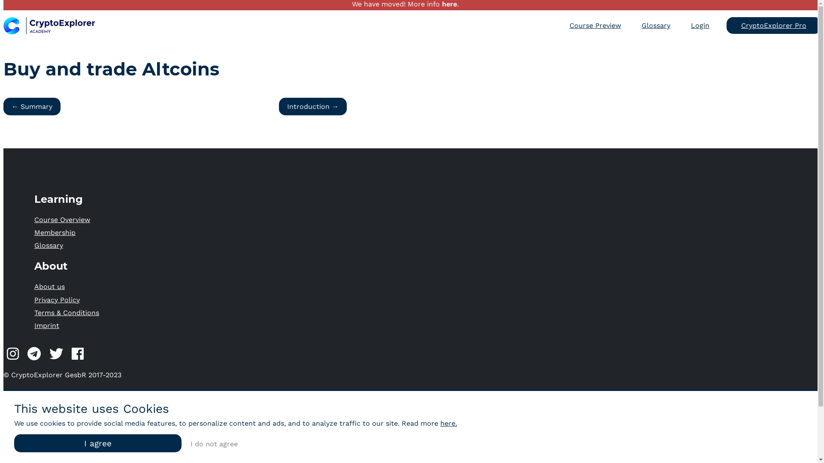 The width and height of the screenshot is (824, 463). Describe the element at coordinates (595, 25) in the screenshot. I see `'Course Preview'` at that location.